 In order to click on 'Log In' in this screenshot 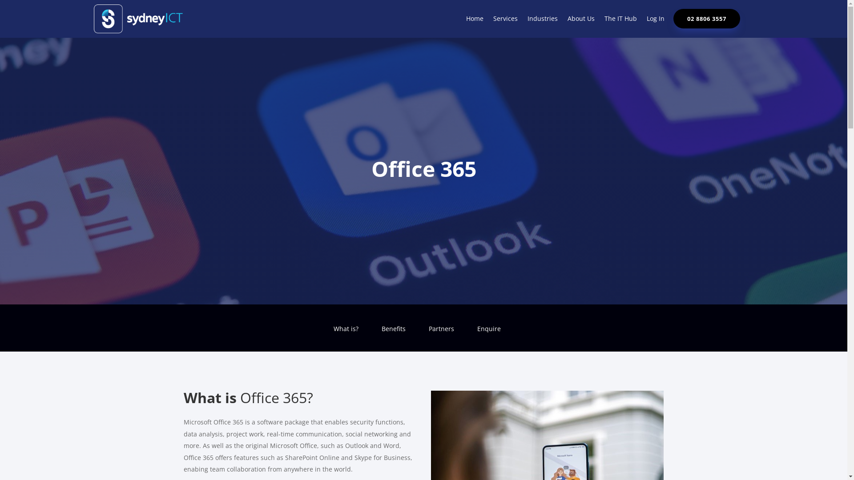, I will do `click(647, 20)`.